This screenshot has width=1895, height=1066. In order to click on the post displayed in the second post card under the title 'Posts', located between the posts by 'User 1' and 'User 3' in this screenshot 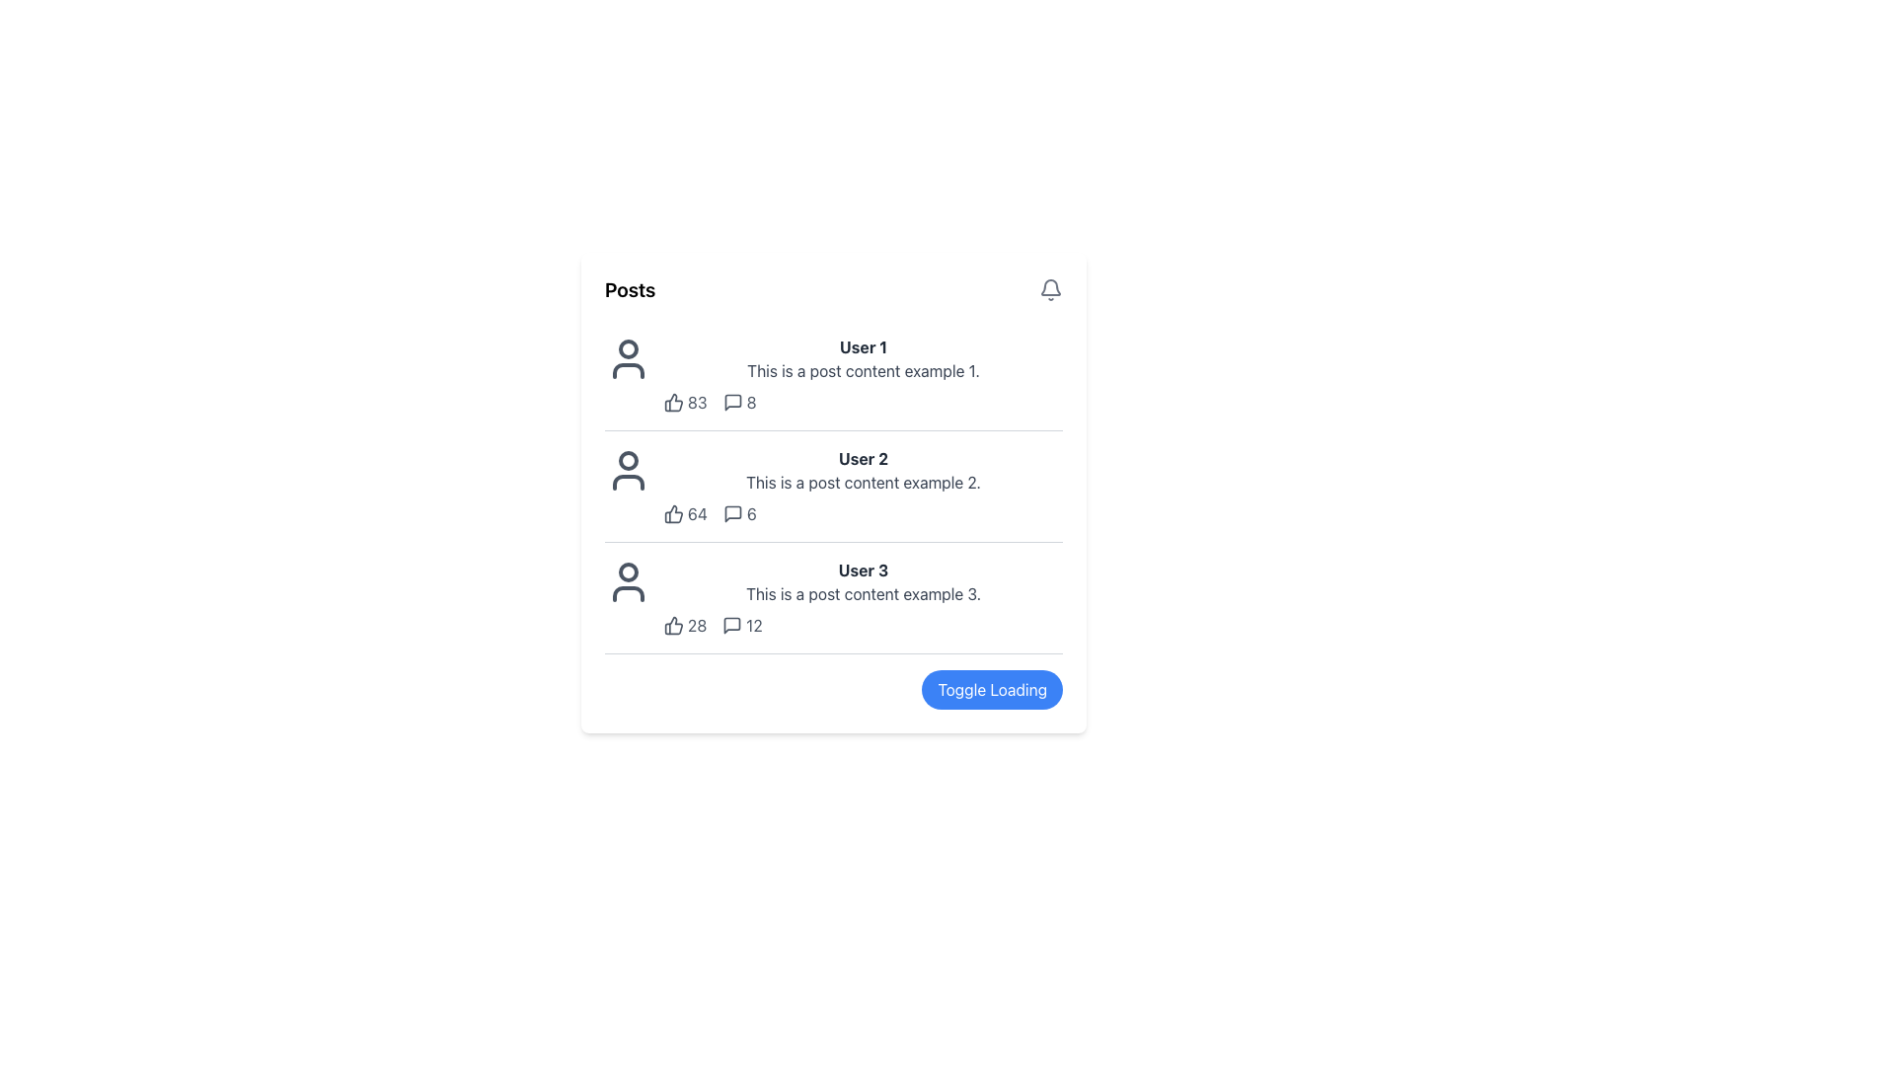, I will do `click(833, 487)`.